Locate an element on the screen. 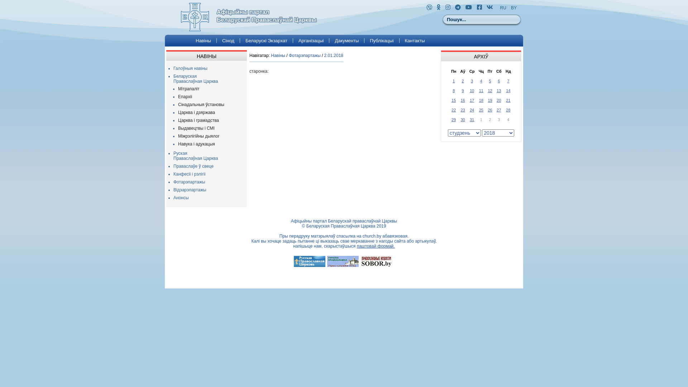 The width and height of the screenshot is (688, 387). '10' is located at coordinates (472, 90).